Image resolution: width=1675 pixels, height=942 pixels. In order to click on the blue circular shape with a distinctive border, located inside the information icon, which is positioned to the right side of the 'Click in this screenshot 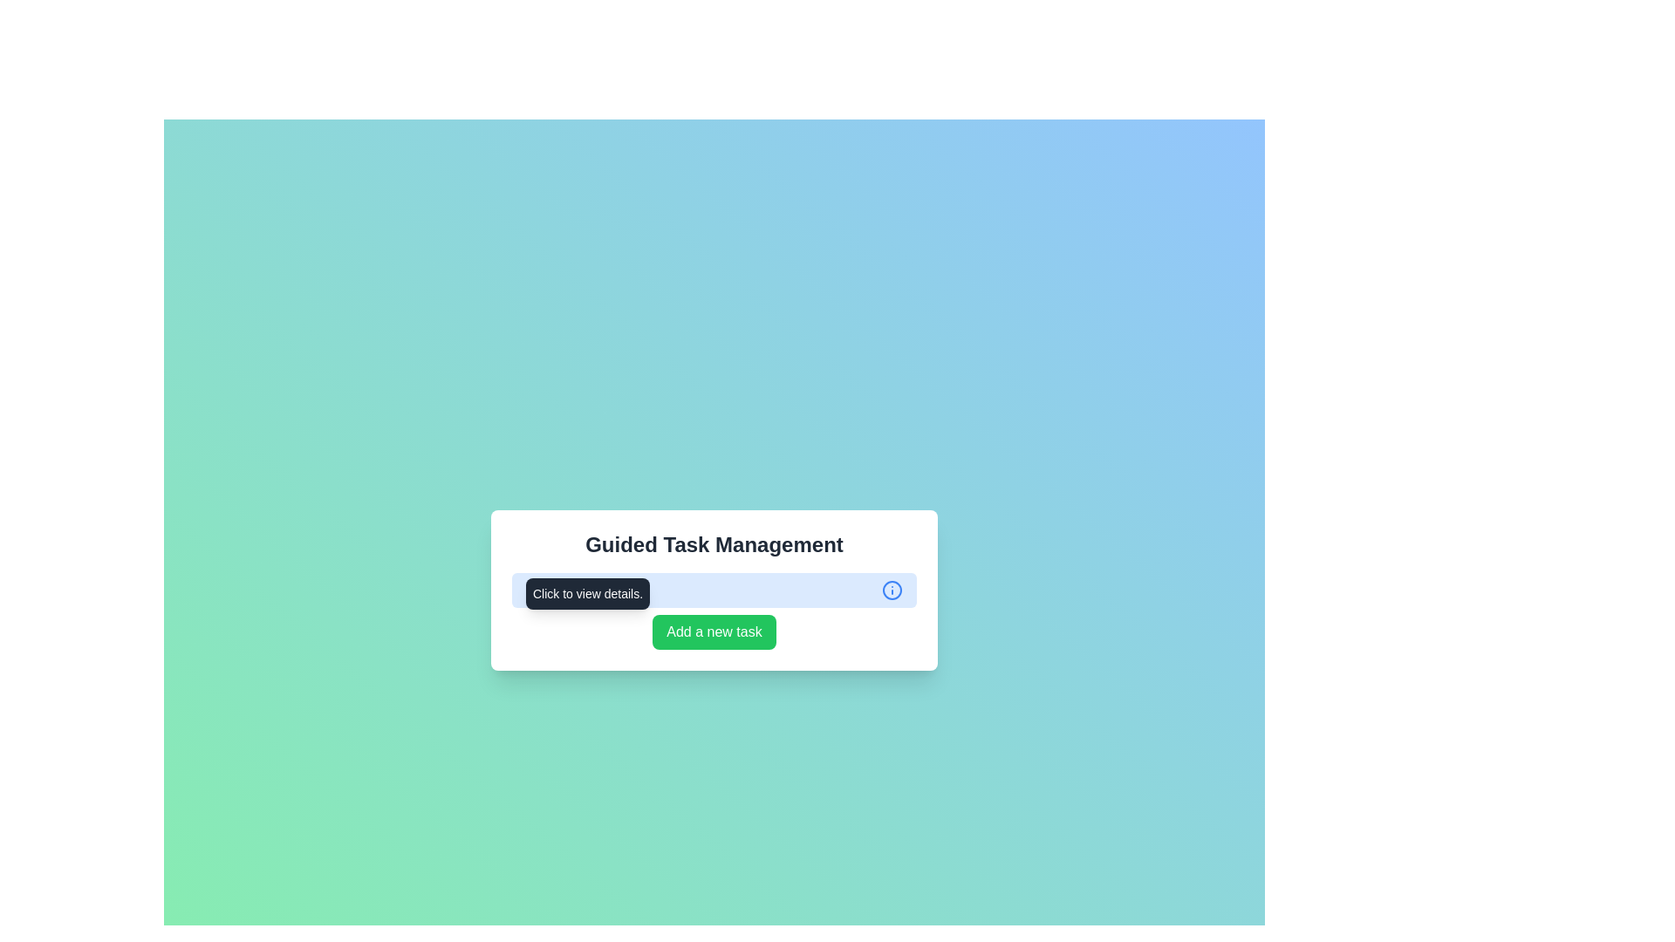, I will do `click(892, 590)`.